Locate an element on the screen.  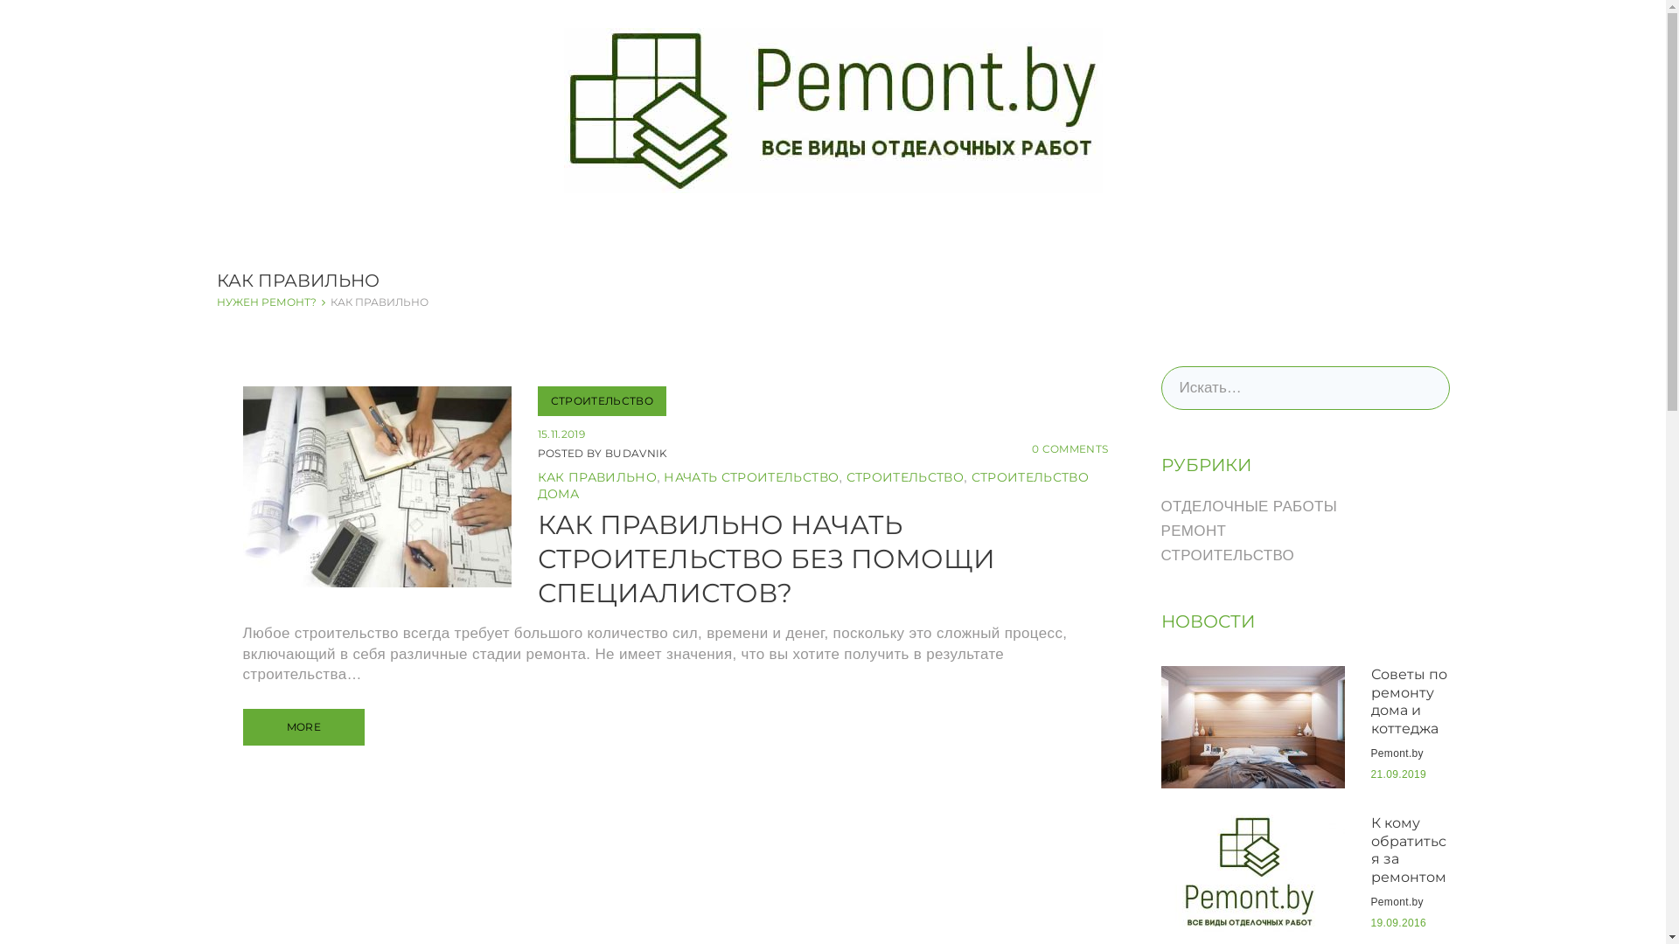
'BUDAVNIK' is located at coordinates (636, 452).